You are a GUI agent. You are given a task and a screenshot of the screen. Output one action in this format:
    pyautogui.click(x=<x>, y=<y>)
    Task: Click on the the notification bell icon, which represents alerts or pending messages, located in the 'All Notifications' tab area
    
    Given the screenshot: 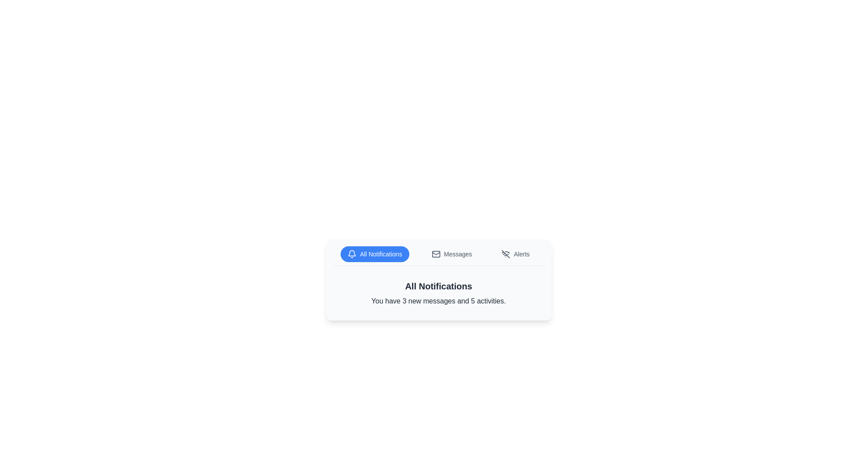 What is the action you would take?
    pyautogui.click(x=351, y=253)
    